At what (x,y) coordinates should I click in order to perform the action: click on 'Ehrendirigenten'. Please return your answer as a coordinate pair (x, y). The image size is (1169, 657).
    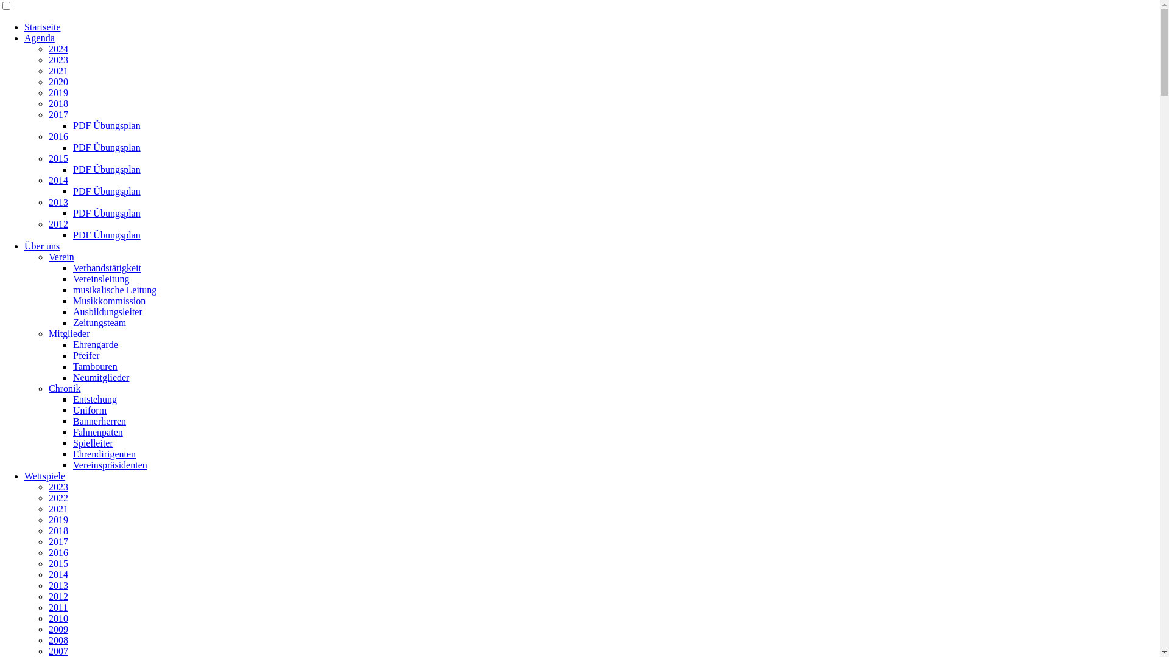
    Looking at the image, I should click on (104, 454).